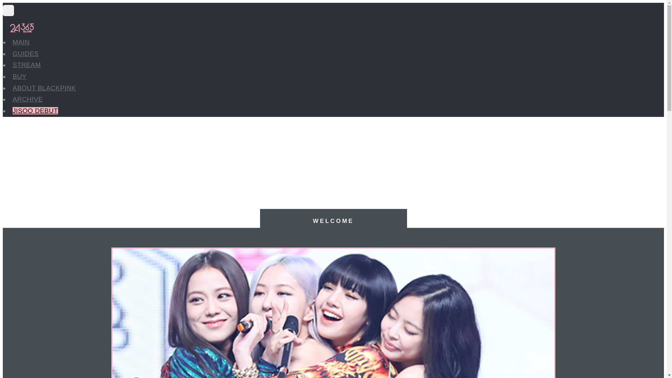  What do you see at coordinates (20, 76) in the screenshot?
I see `'BUY'` at bounding box center [20, 76].